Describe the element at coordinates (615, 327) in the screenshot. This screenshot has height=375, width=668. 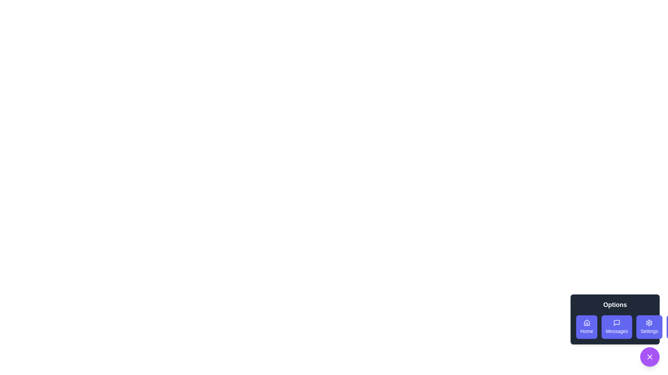
I see `the second button in the row of four buttons, located between the 'Home' and 'Settings' buttons` at that location.